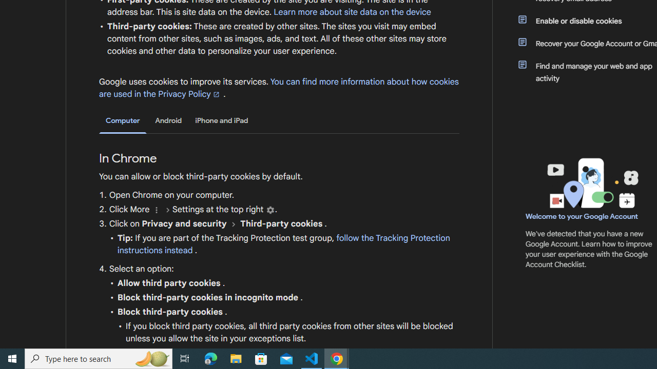 This screenshot has height=369, width=657. I want to click on 'Learn more about site data on the device', so click(352, 12).